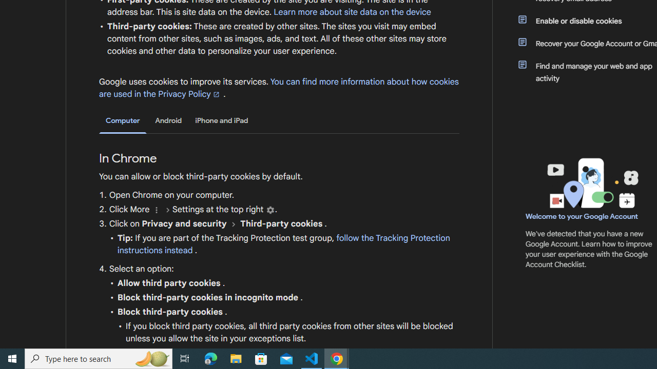 This screenshot has height=369, width=657. I want to click on 'Learn more about site data on the device', so click(352, 12).